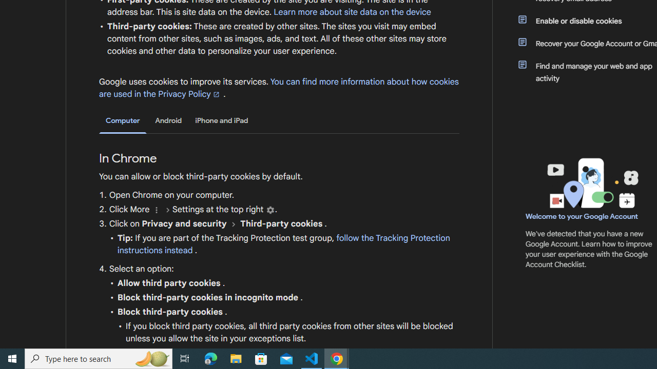 This screenshot has height=369, width=657. I want to click on 'Learn more about site data on the device', so click(352, 12).